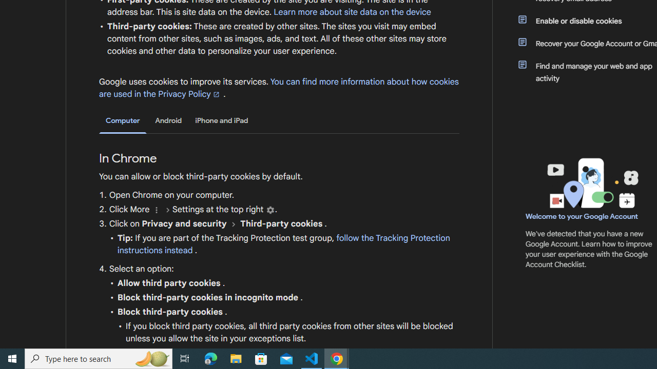 This screenshot has height=369, width=657. I want to click on 'Learn more about site data on the device', so click(352, 12).